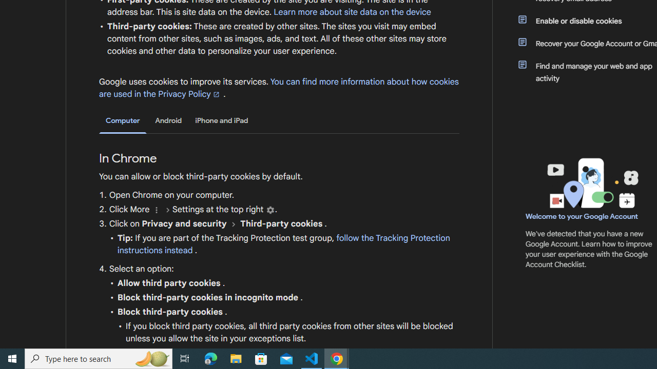 This screenshot has height=369, width=657. I want to click on 'Learn more about site data on the device', so click(352, 12).